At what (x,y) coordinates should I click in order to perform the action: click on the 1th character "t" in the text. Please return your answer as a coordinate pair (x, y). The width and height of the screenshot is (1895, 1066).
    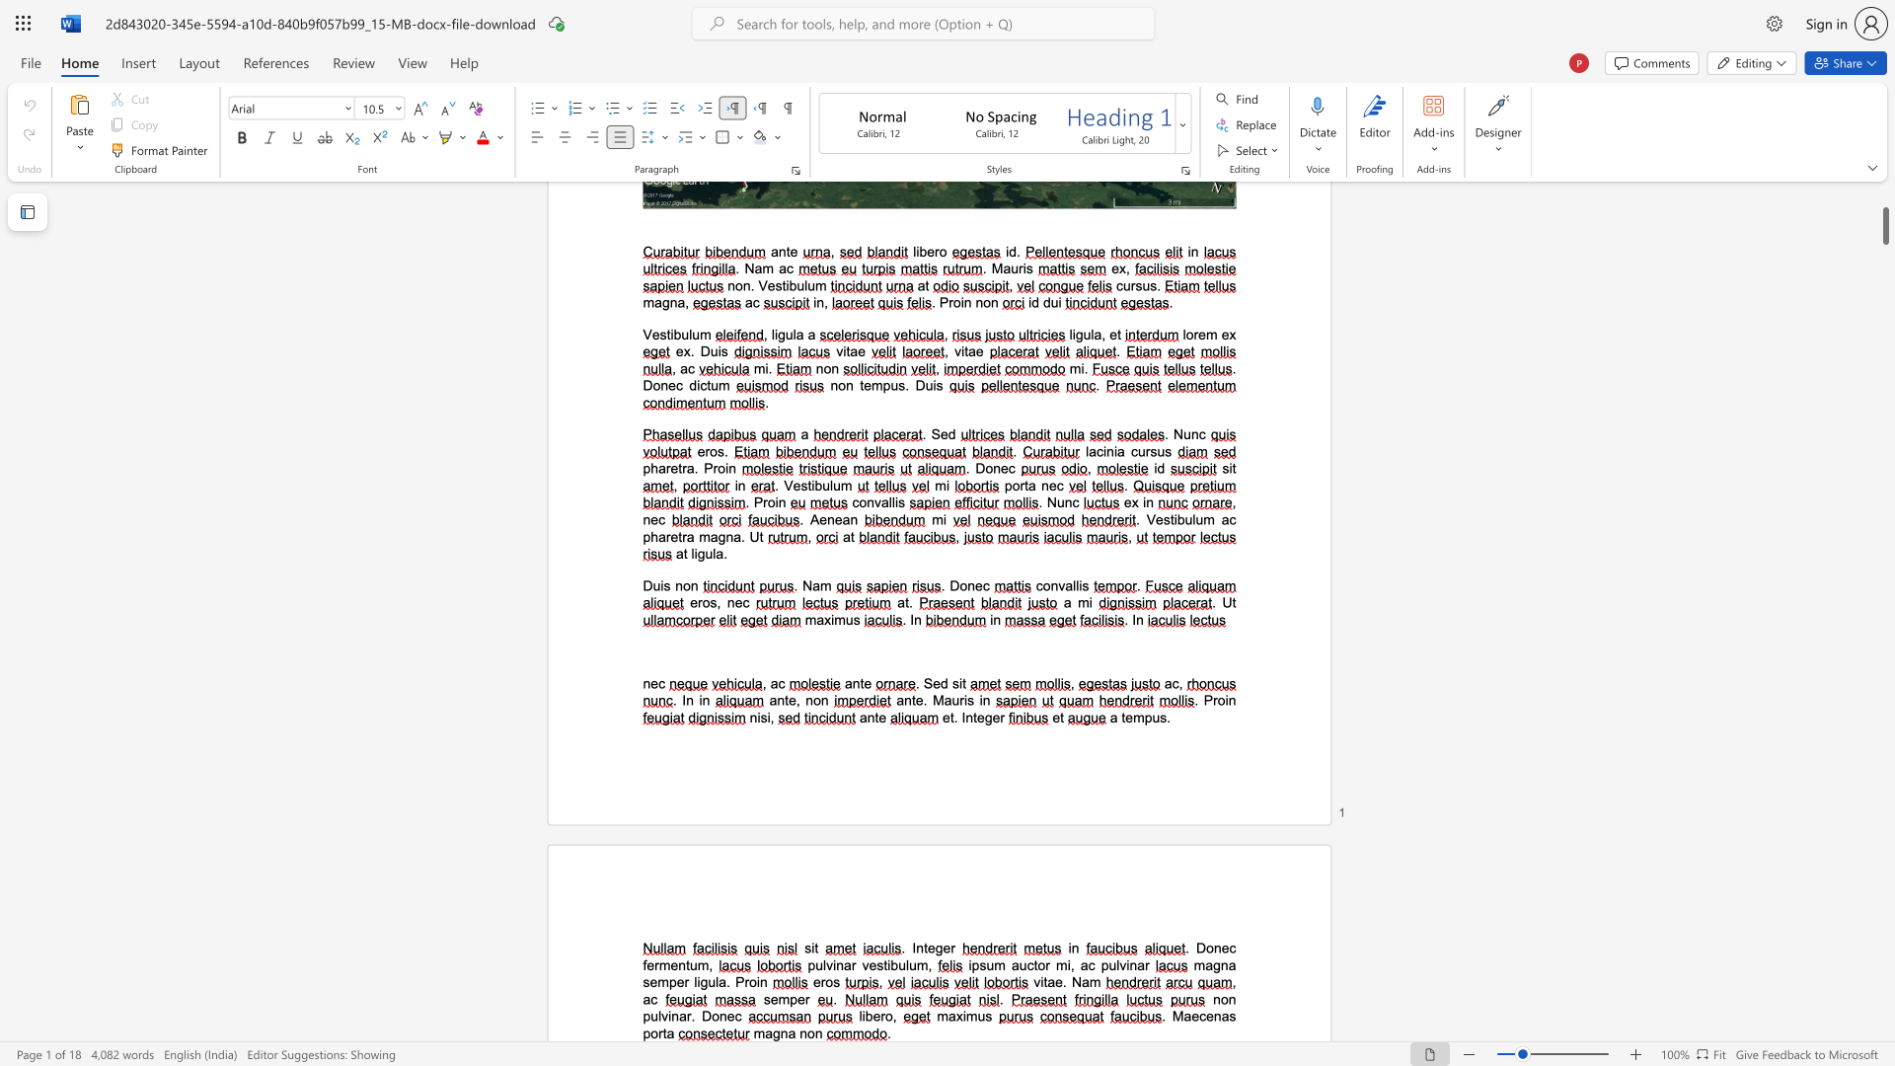
    Looking at the image, I should click on (664, 1032).